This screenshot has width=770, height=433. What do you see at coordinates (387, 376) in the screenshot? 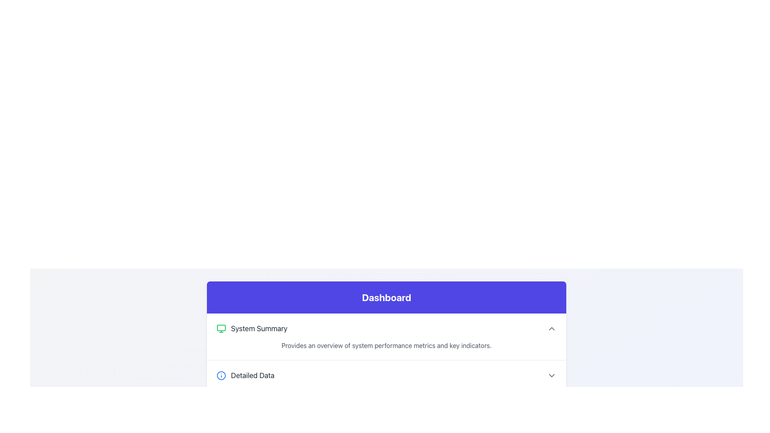
I see `the 'Detailed Data' Interactive Dropdown Trigger` at bounding box center [387, 376].